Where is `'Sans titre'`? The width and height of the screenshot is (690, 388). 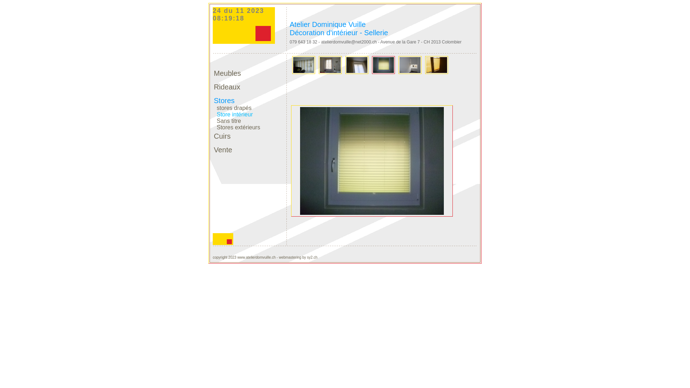 'Sans titre' is located at coordinates (227, 119).